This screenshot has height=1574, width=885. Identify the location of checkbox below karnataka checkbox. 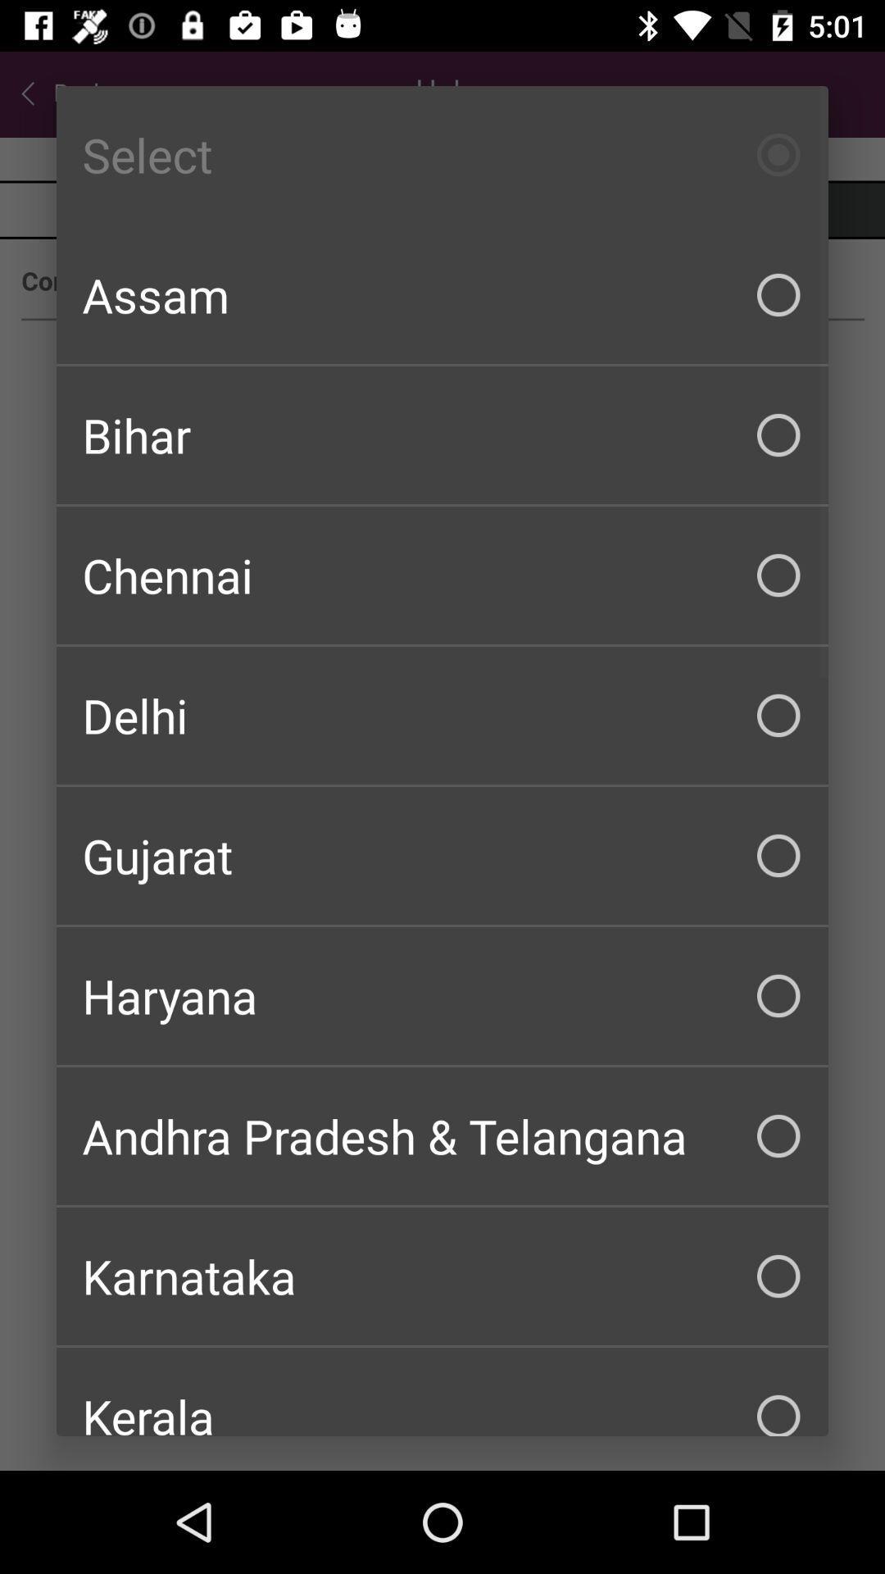
(442, 1391).